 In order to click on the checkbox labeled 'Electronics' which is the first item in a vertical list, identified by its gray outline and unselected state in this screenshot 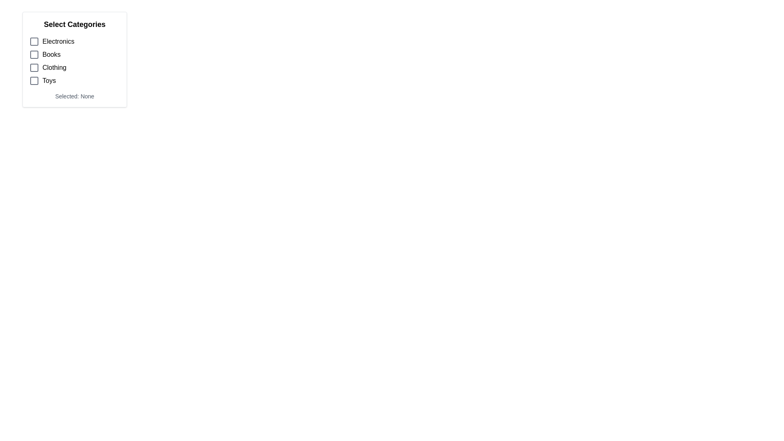, I will do `click(74, 41)`.